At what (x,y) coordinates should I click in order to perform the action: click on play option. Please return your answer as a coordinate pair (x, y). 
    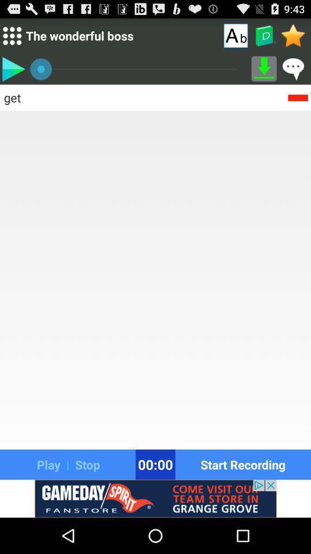
    Looking at the image, I should click on (13, 69).